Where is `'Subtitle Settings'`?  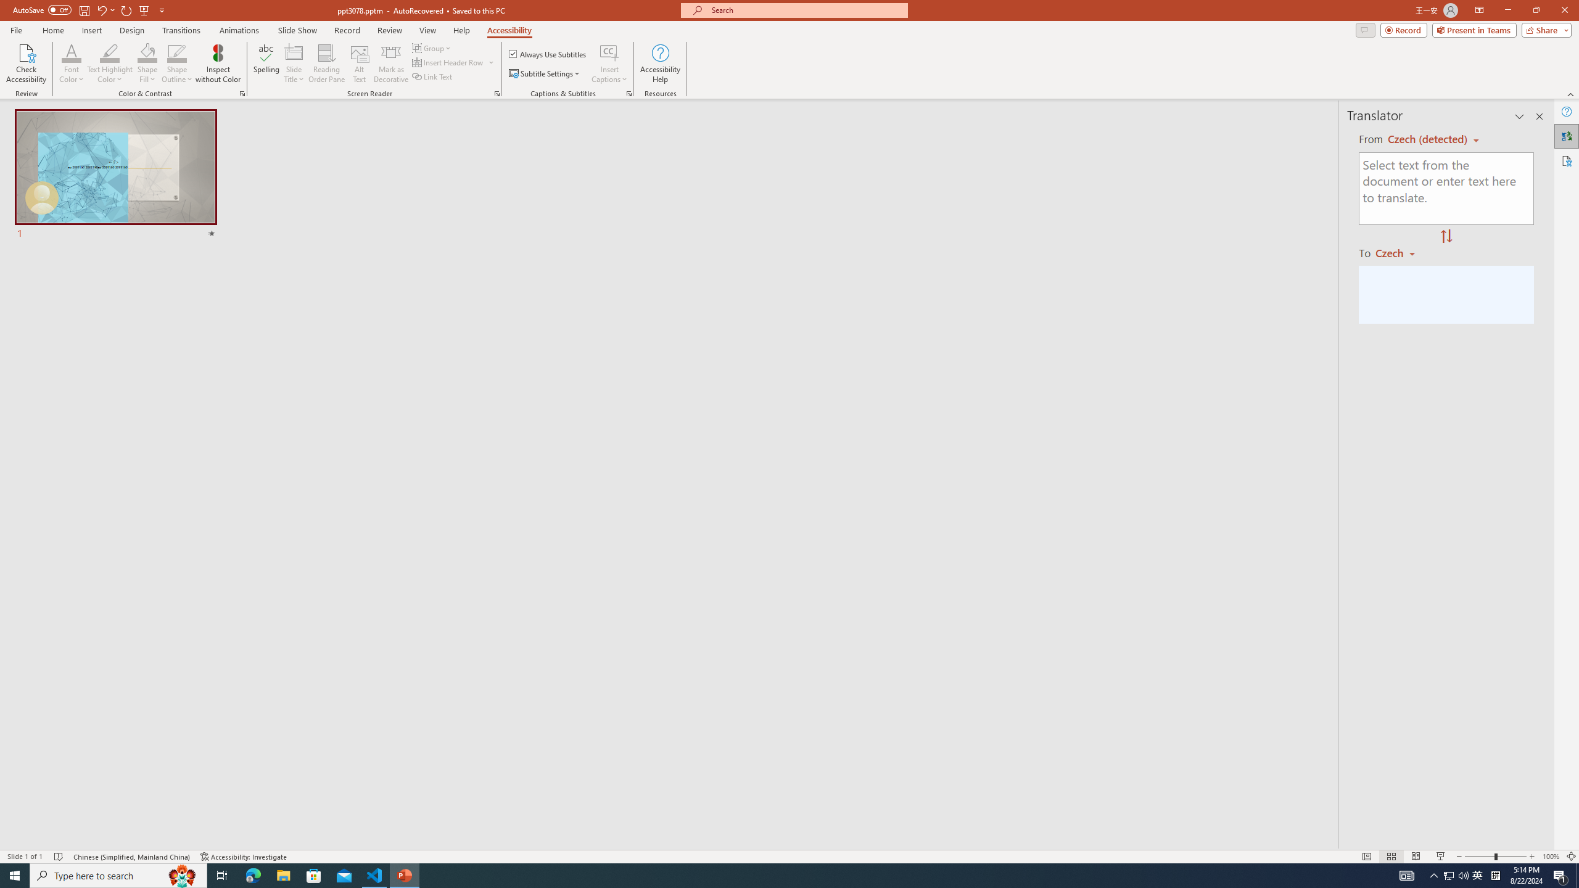 'Subtitle Settings' is located at coordinates (545, 73).